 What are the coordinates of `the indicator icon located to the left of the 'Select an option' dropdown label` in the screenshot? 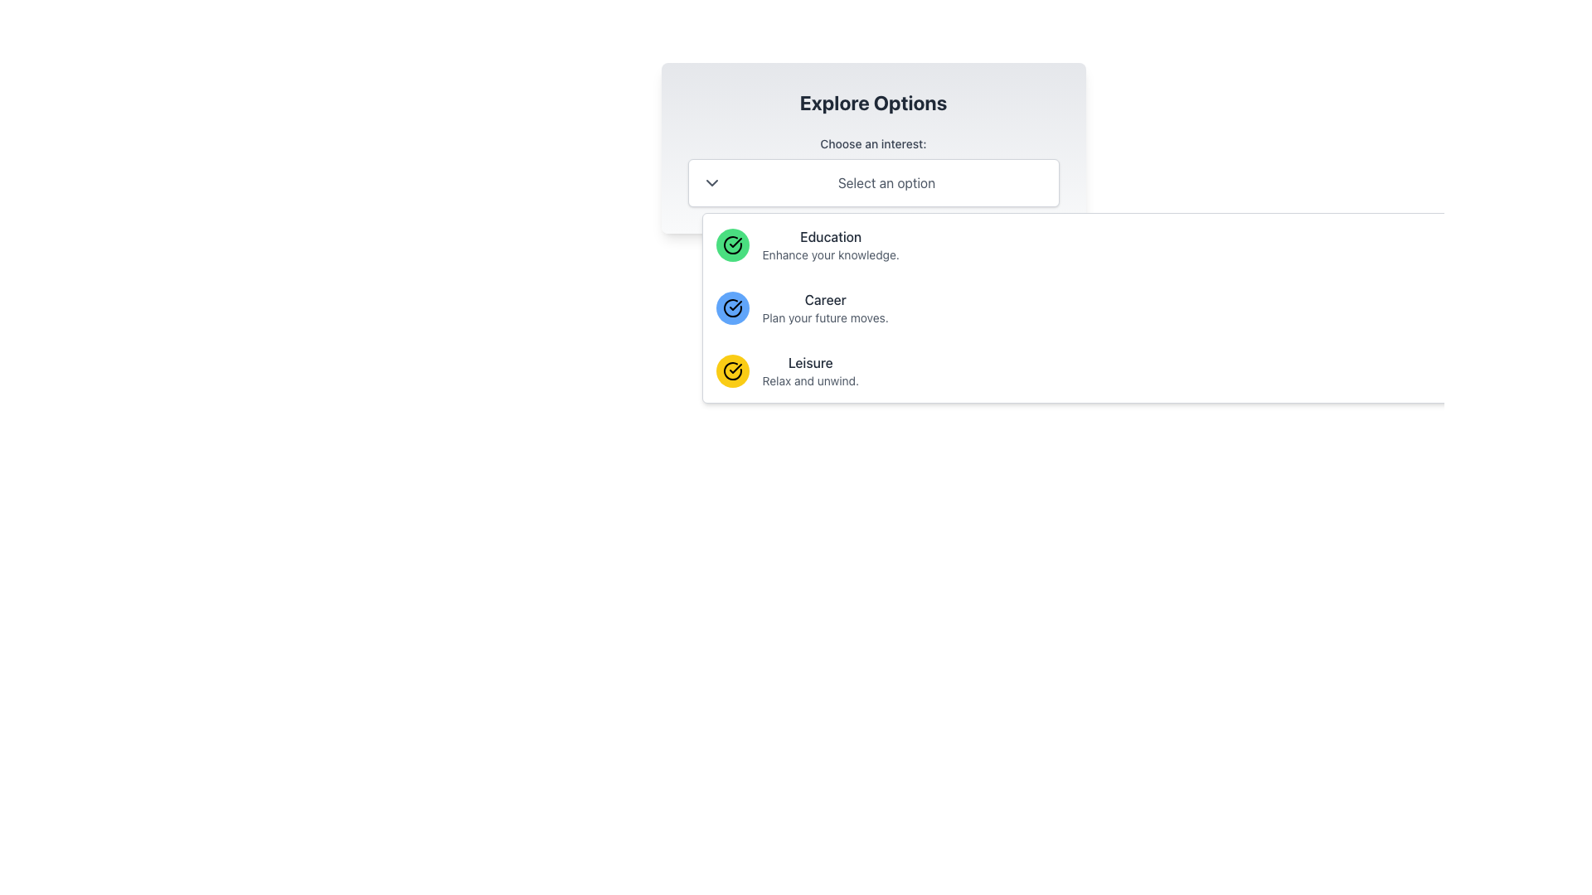 It's located at (711, 182).